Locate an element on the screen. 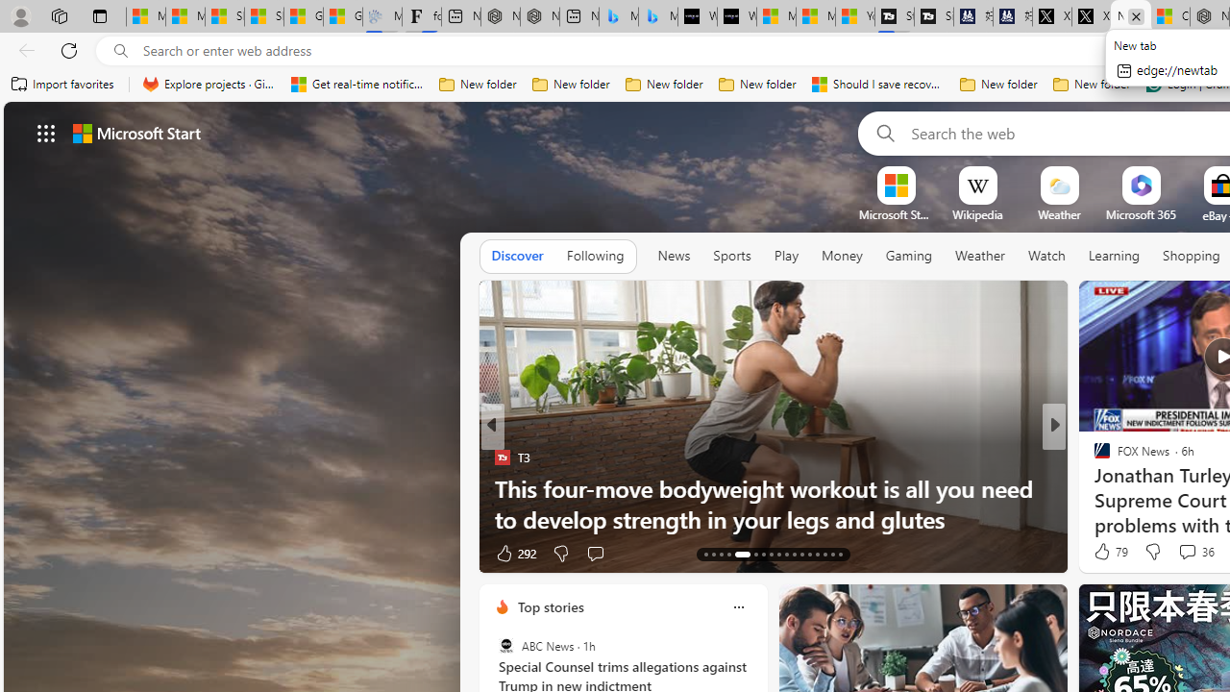 Image resolution: width=1230 pixels, height=692 pixels. 'Shanghai, China weather forecast | Microsoft Weather' is located at coordinates (263, 16).